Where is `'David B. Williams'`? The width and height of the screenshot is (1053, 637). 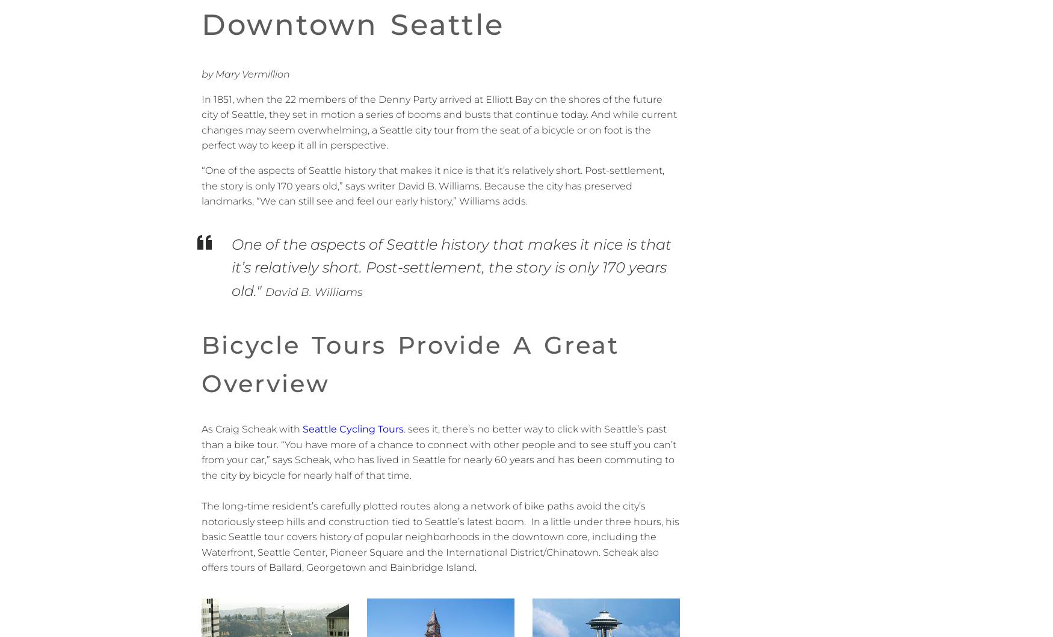
'David B. Williams' is located at coordinates (313, 292).